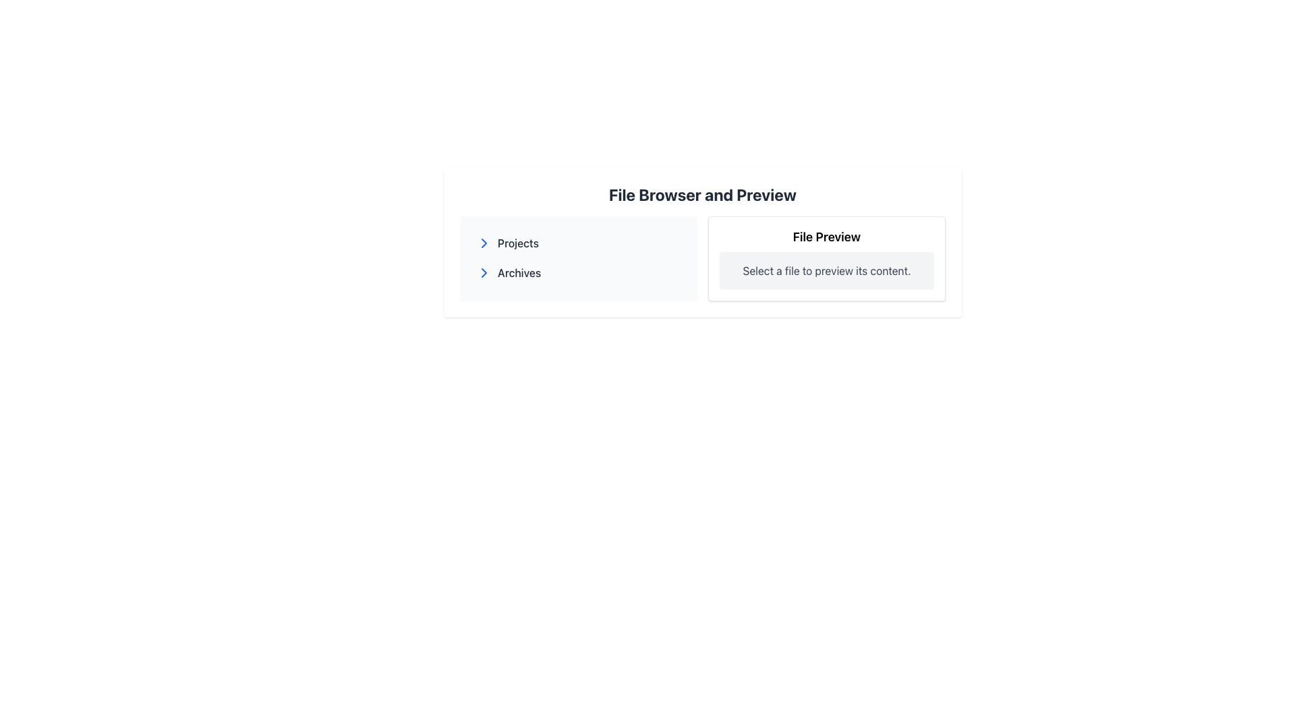 This screenshot has width=1295, height=728. Describe the element at coordinates (519, 273) in the screenshot. I see `the 'Archives' label` at that location.